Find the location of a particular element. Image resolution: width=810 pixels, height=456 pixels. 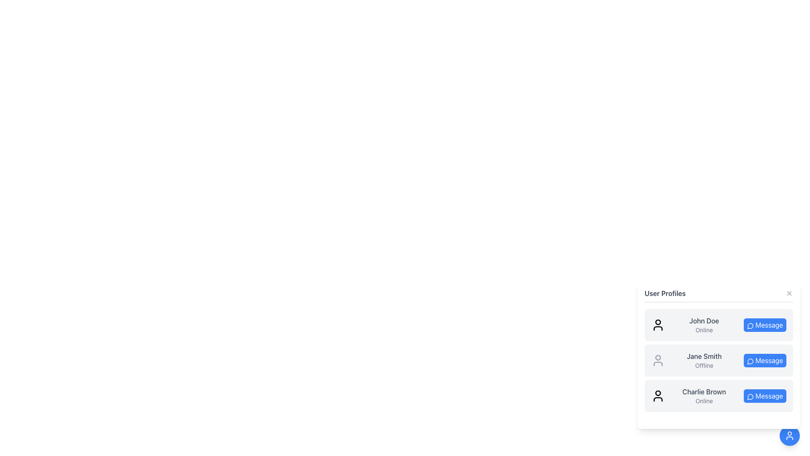

the circular blue speech bubble icon located to the right of the 'Message' label for user 'Charlie Brown' is located at coordinates (750, 396).